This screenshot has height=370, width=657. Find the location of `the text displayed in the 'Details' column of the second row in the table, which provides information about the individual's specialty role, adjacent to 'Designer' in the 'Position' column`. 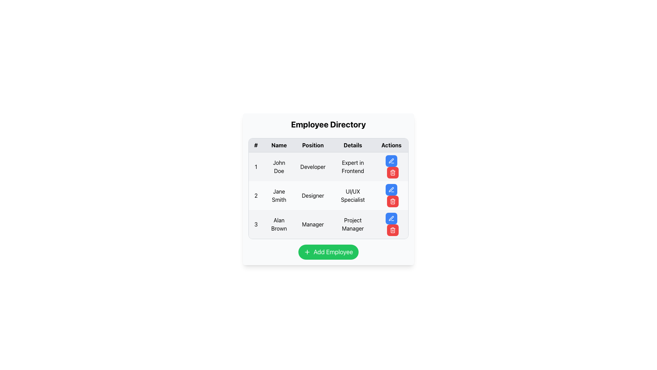

the text displayed in the 'Details' column of the second row in the table, which provides information about the individual's specialty role, adjacent to 'Designer' in the 'Position' column is located at coordinates (353, 195).